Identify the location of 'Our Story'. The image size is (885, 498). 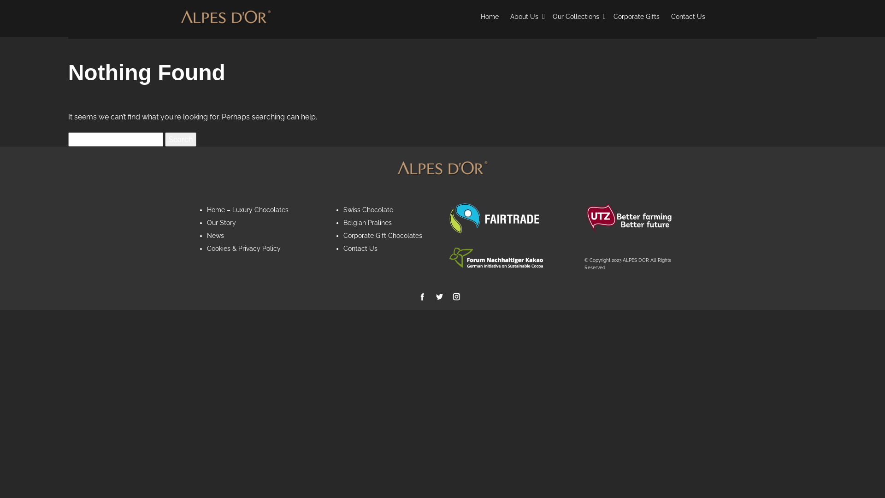
(221, 222).